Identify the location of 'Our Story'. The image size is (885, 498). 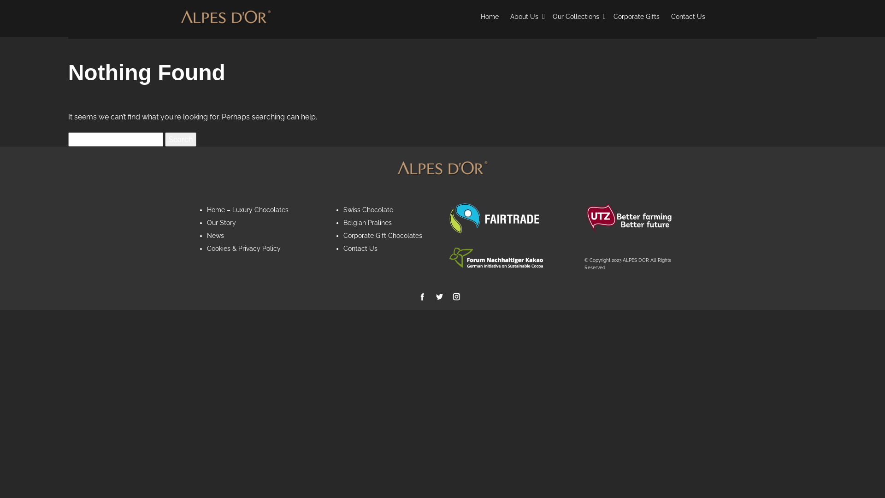
(221, 222).